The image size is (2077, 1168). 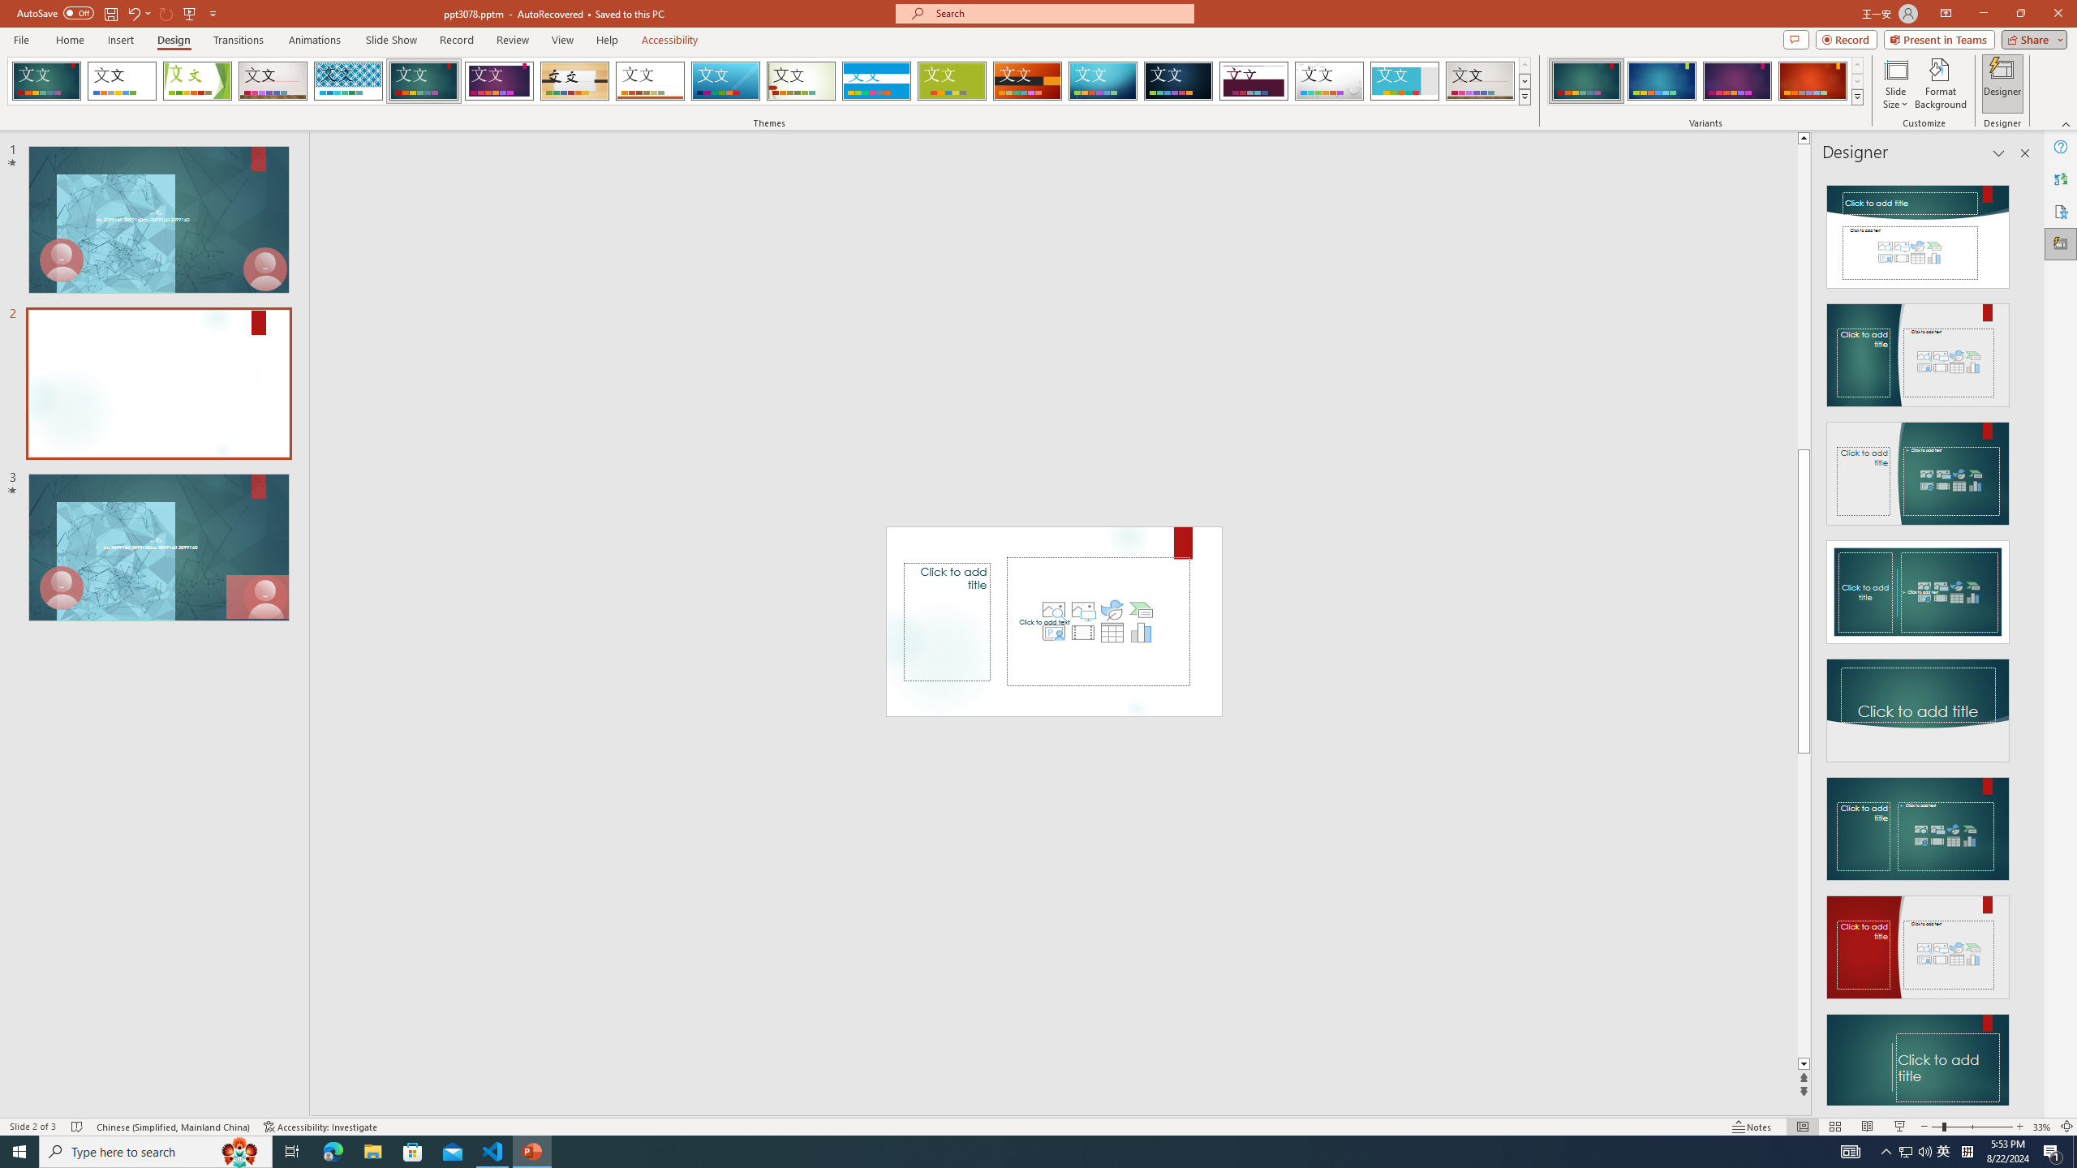 I want to click on 'Insert an Icon', so click(x=1111, y=608).